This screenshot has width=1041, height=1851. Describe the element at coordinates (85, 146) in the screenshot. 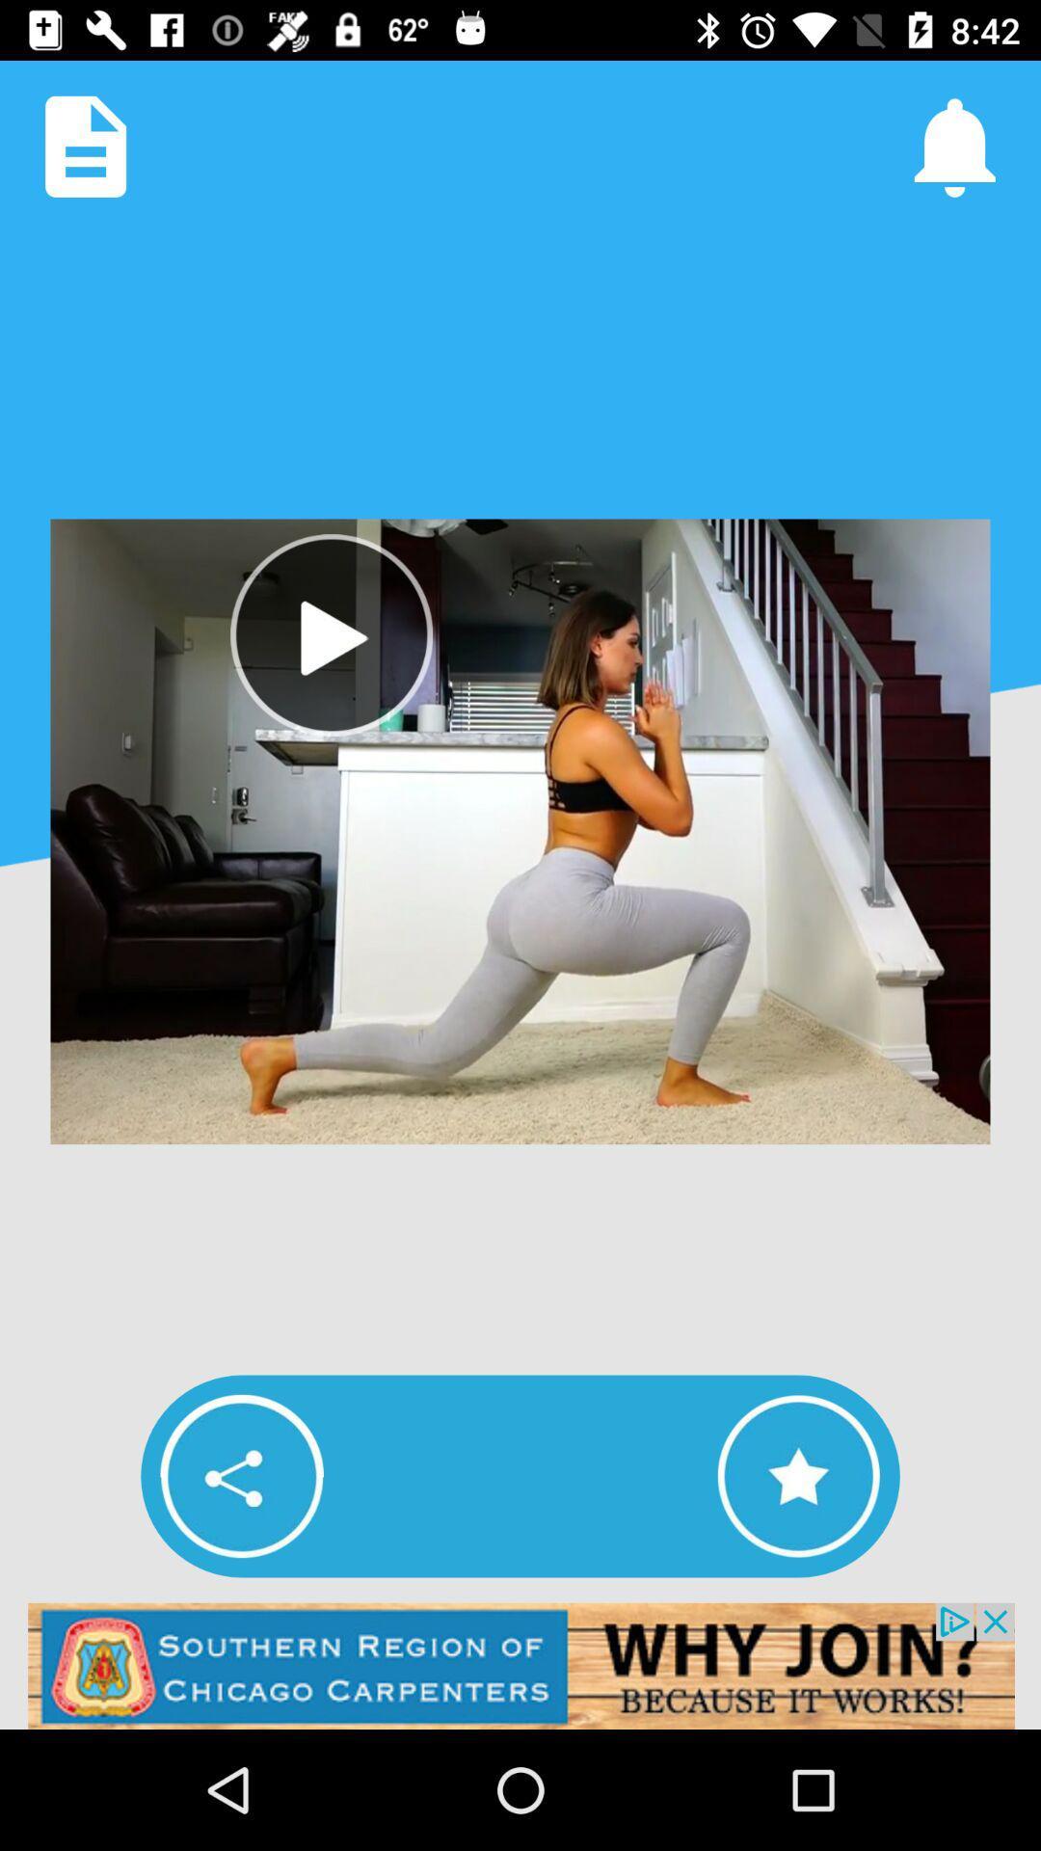

I see `copy page` at that location.